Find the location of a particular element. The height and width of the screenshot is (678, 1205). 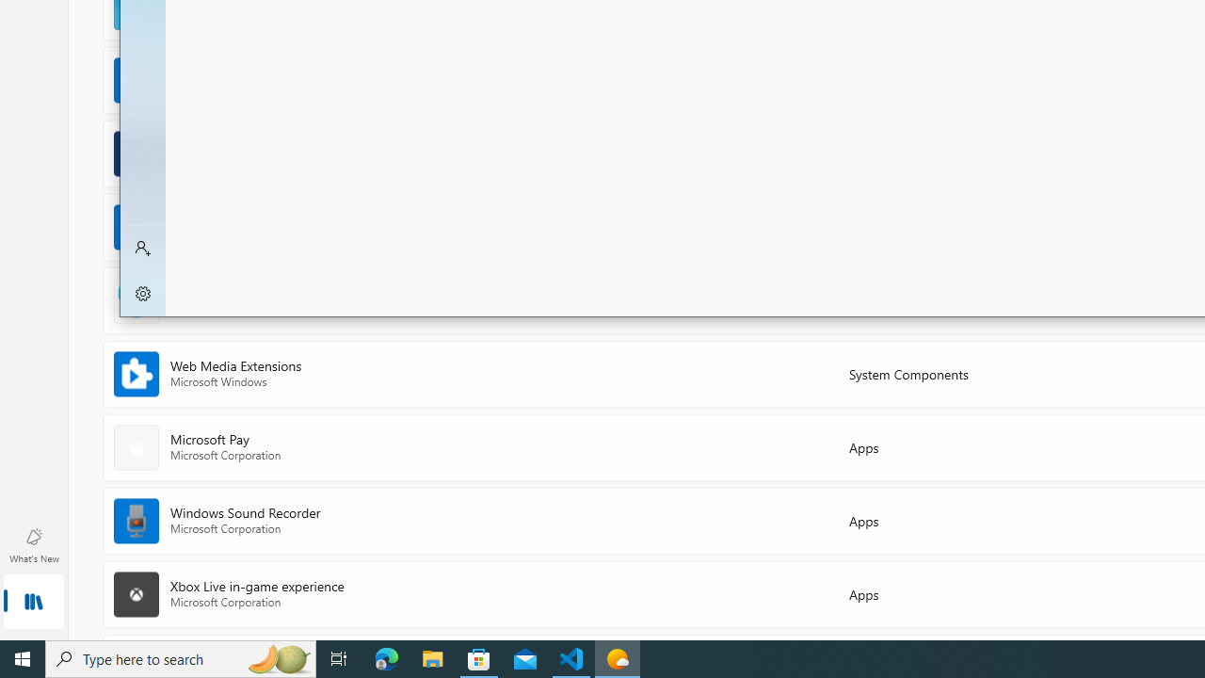

'What' is located at coordinates (33, 544).